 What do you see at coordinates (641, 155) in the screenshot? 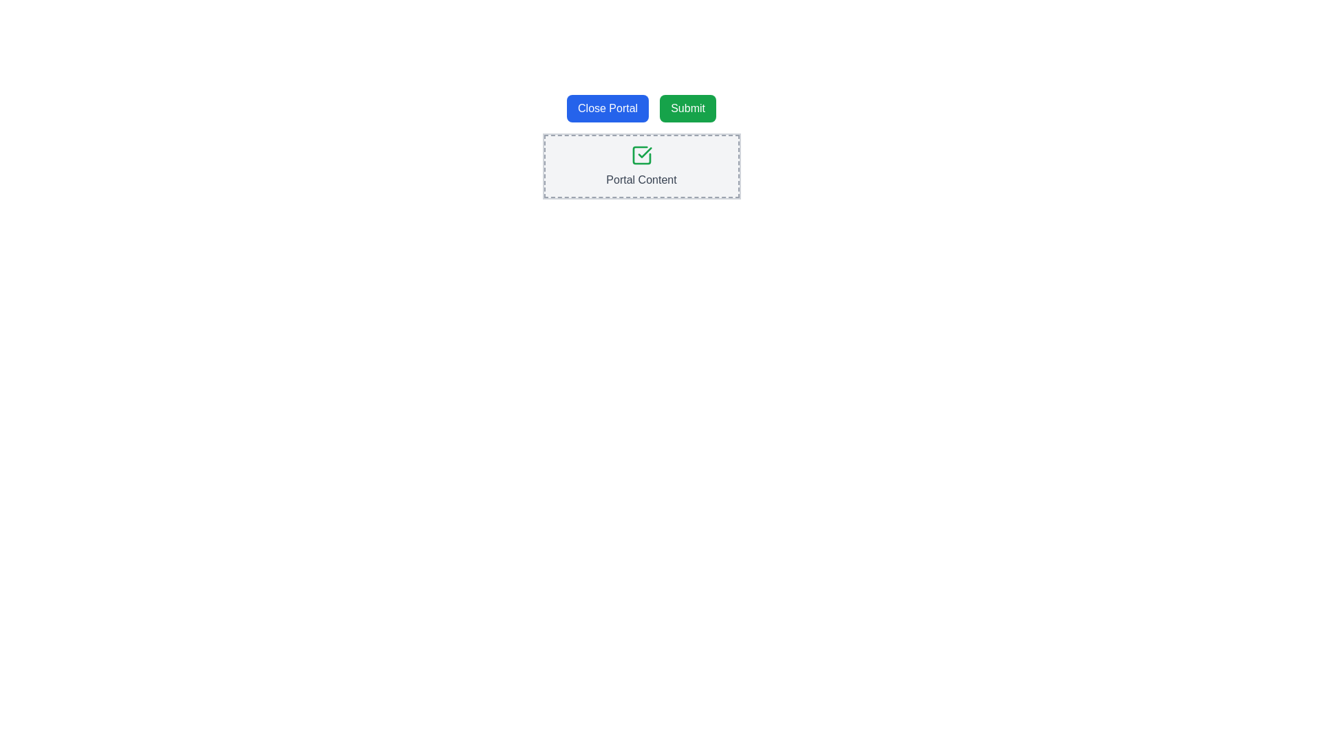
I see `the success icon indicating a confirmed state, positioned above the 'Portal Content' text element` at bounding box center [641, 155].